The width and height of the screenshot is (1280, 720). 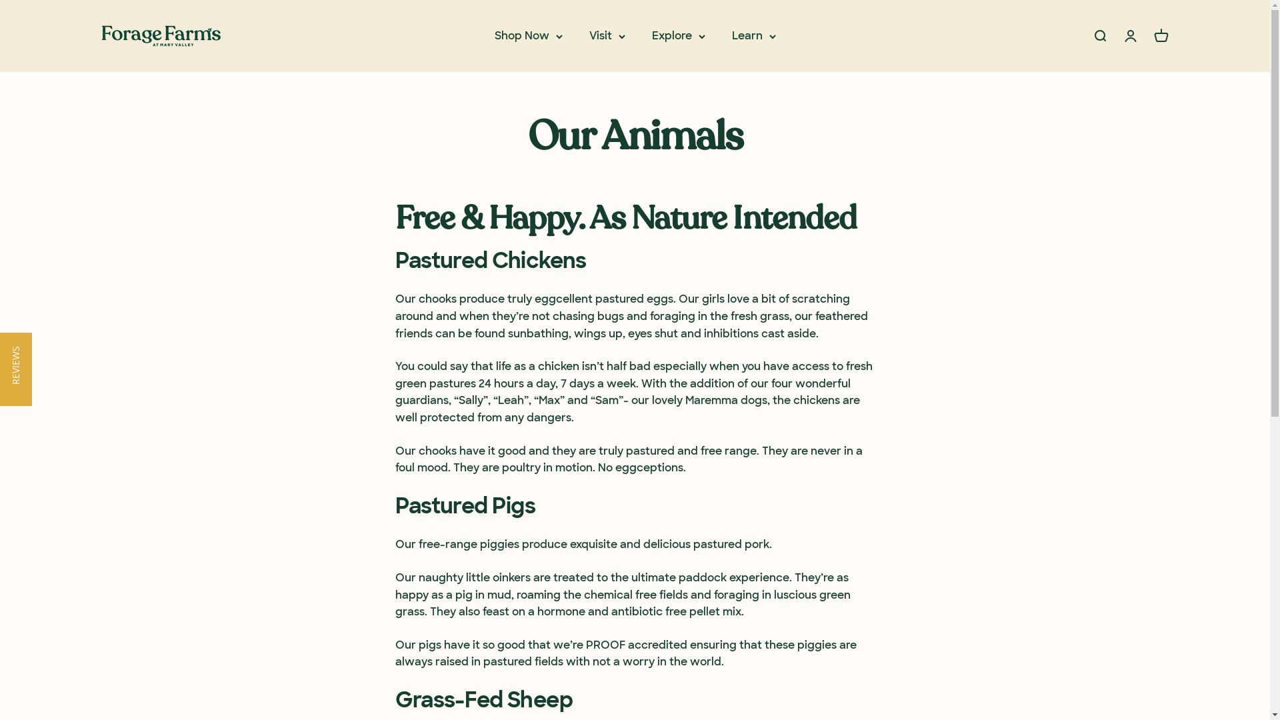 I want to click on 'Open search', so click(x=1099, y=35).